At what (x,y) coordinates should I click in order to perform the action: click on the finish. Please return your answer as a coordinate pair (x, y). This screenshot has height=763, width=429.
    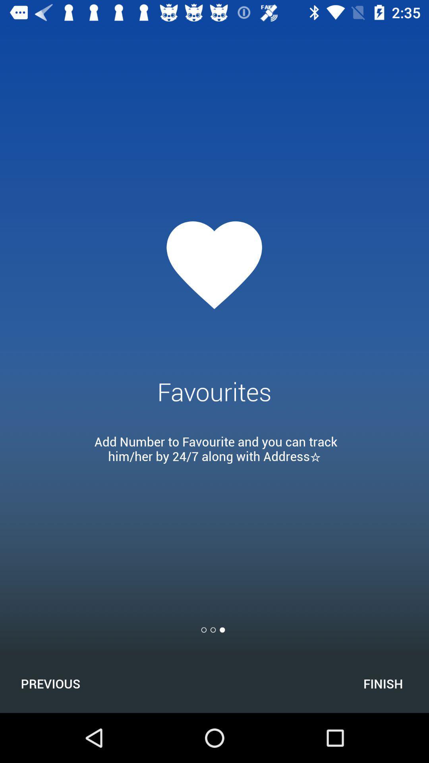
    Looking at the image, I should click on (383, 683).